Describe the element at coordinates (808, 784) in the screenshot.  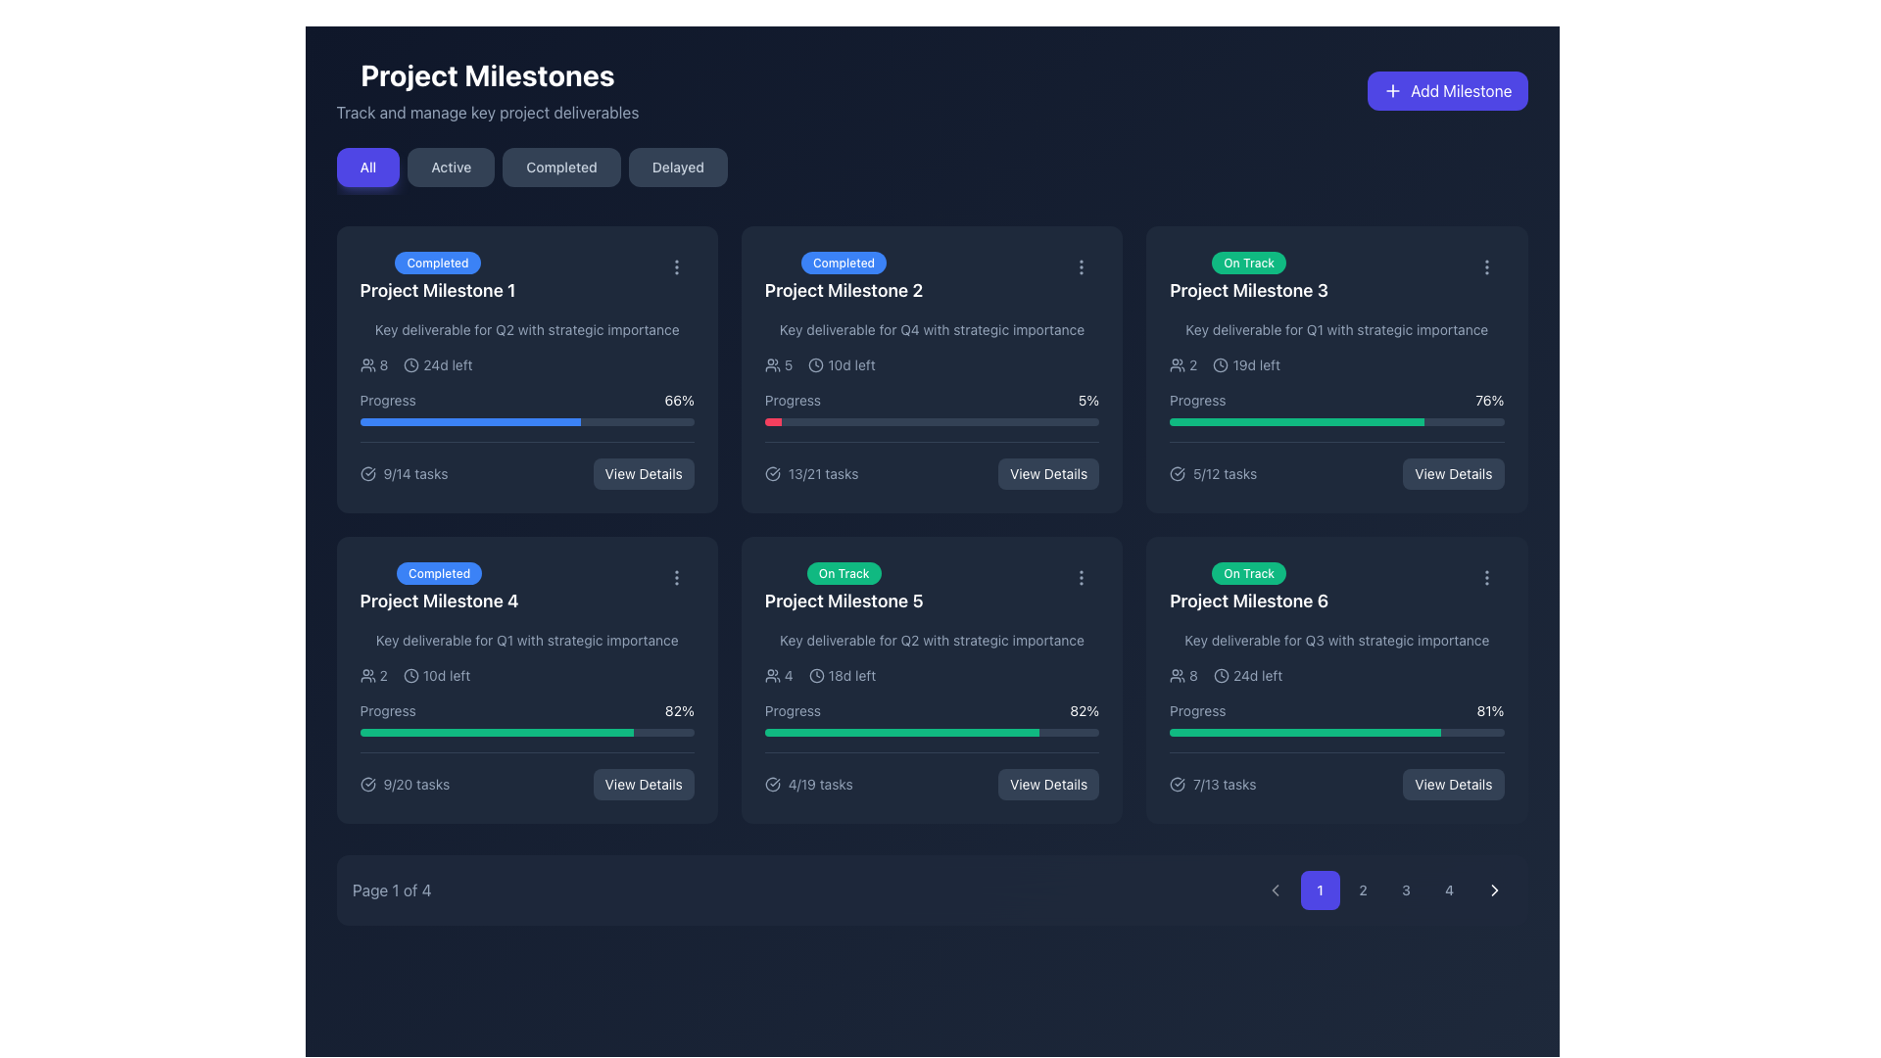
I see `the text label displaying '4/19 tasks' with the accompanying checkmark icon located at the bottom section of the card labeled 'Project Milestone 5'` at that location.